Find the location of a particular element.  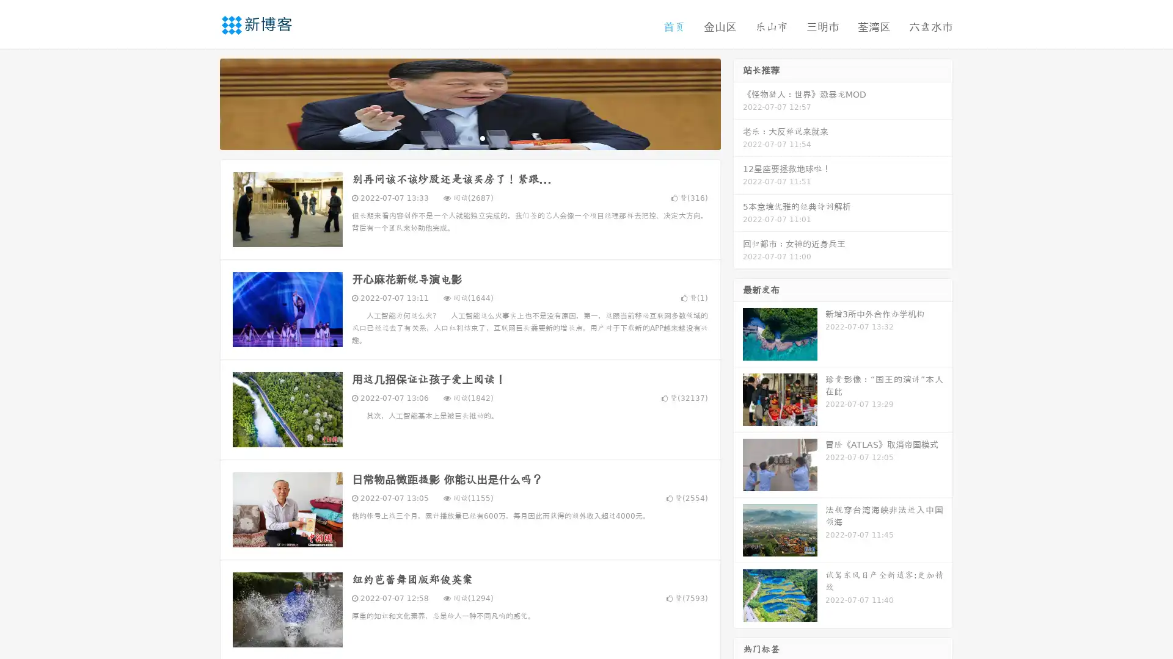

Previous slide is located at coordinates (202, 103).